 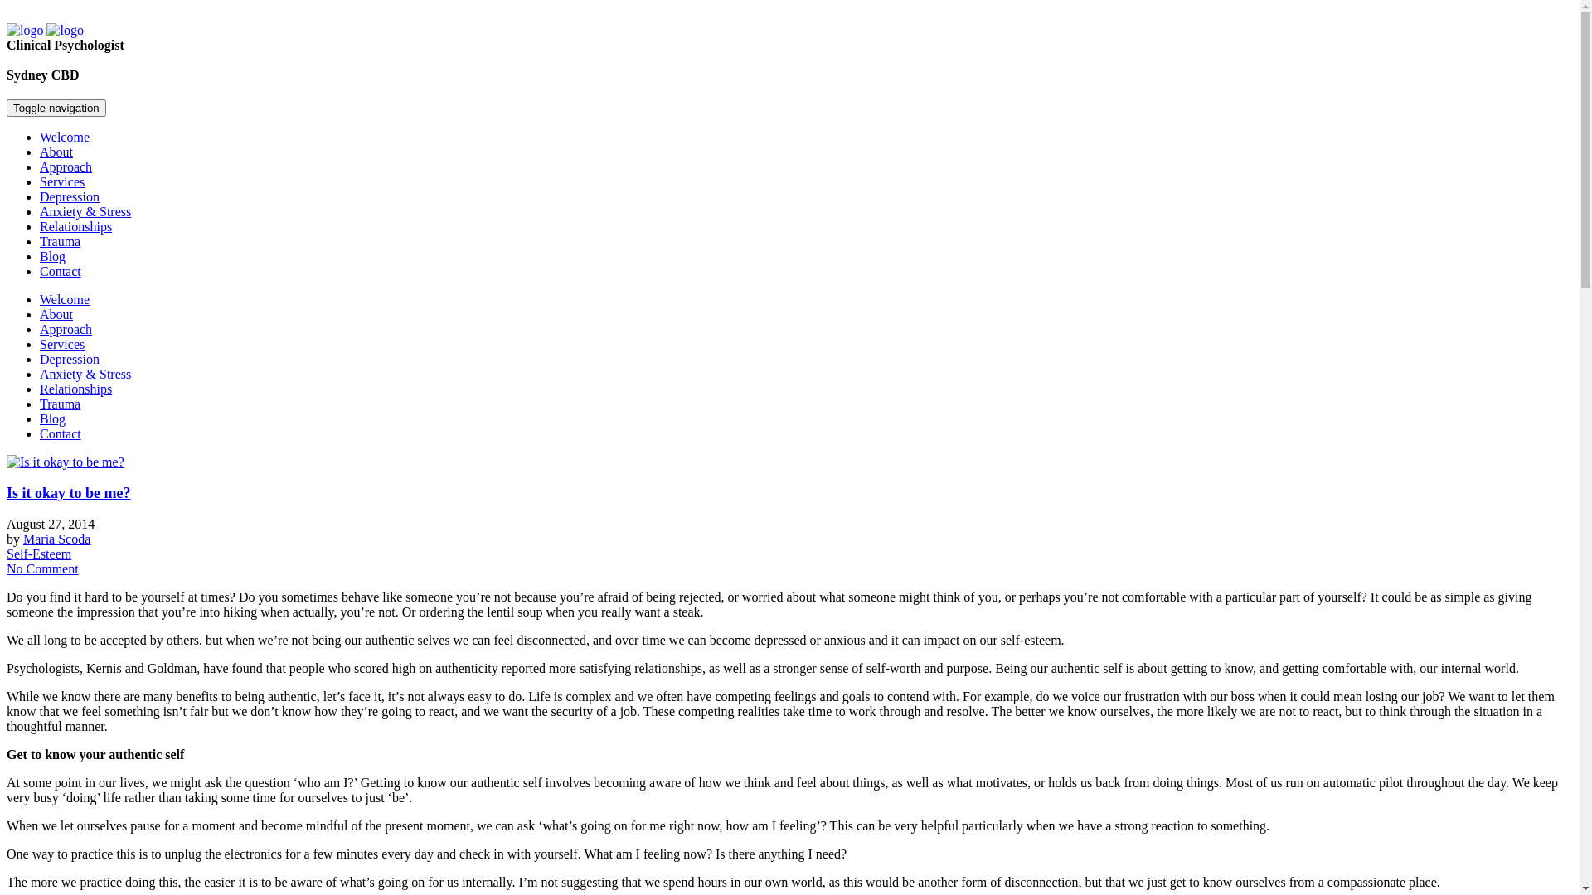 What do you see at coordinates (56, 152) in the screenshot?
I see `'About'` at bounding box center [56, 152].